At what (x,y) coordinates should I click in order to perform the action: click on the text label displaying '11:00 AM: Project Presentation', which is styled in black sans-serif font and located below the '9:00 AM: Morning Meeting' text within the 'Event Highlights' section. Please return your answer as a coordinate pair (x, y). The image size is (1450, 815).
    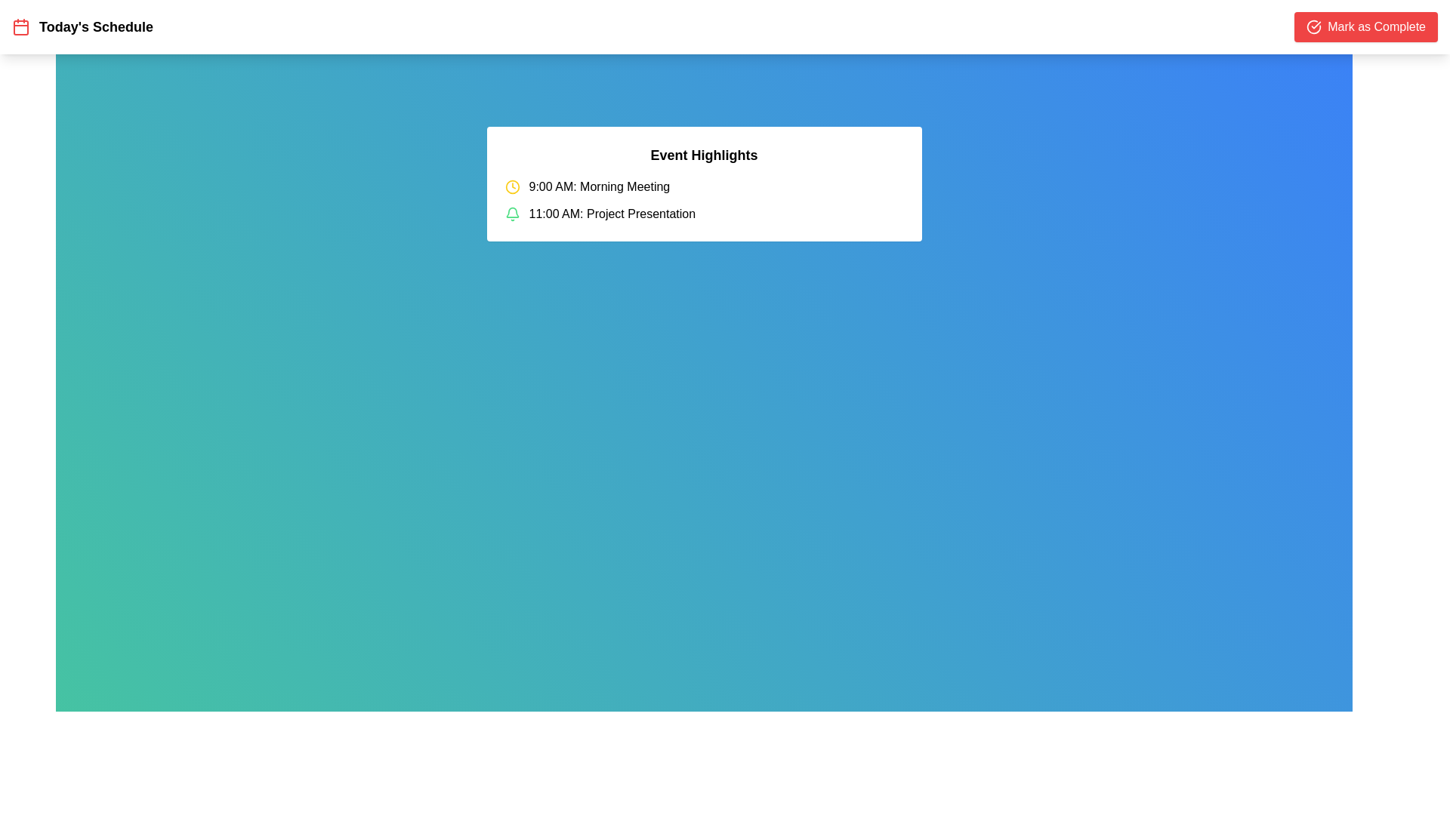
    Looking at the image, I should click on (612, 214).